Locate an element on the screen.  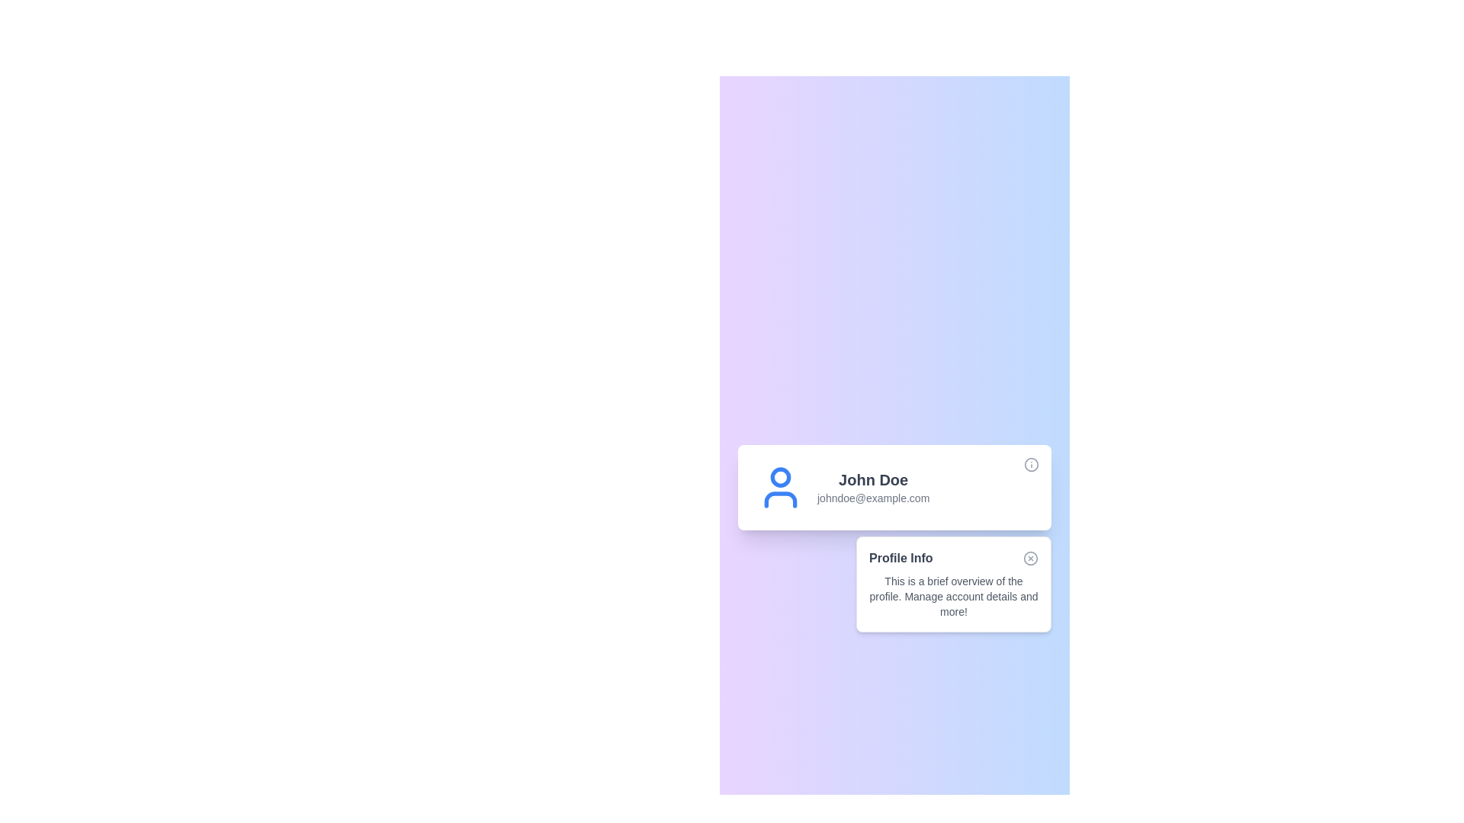
the static text displaying the user's name, which is located above the email 'johndoe@example.com' in the main card layout is located at coordinates (873, 479).